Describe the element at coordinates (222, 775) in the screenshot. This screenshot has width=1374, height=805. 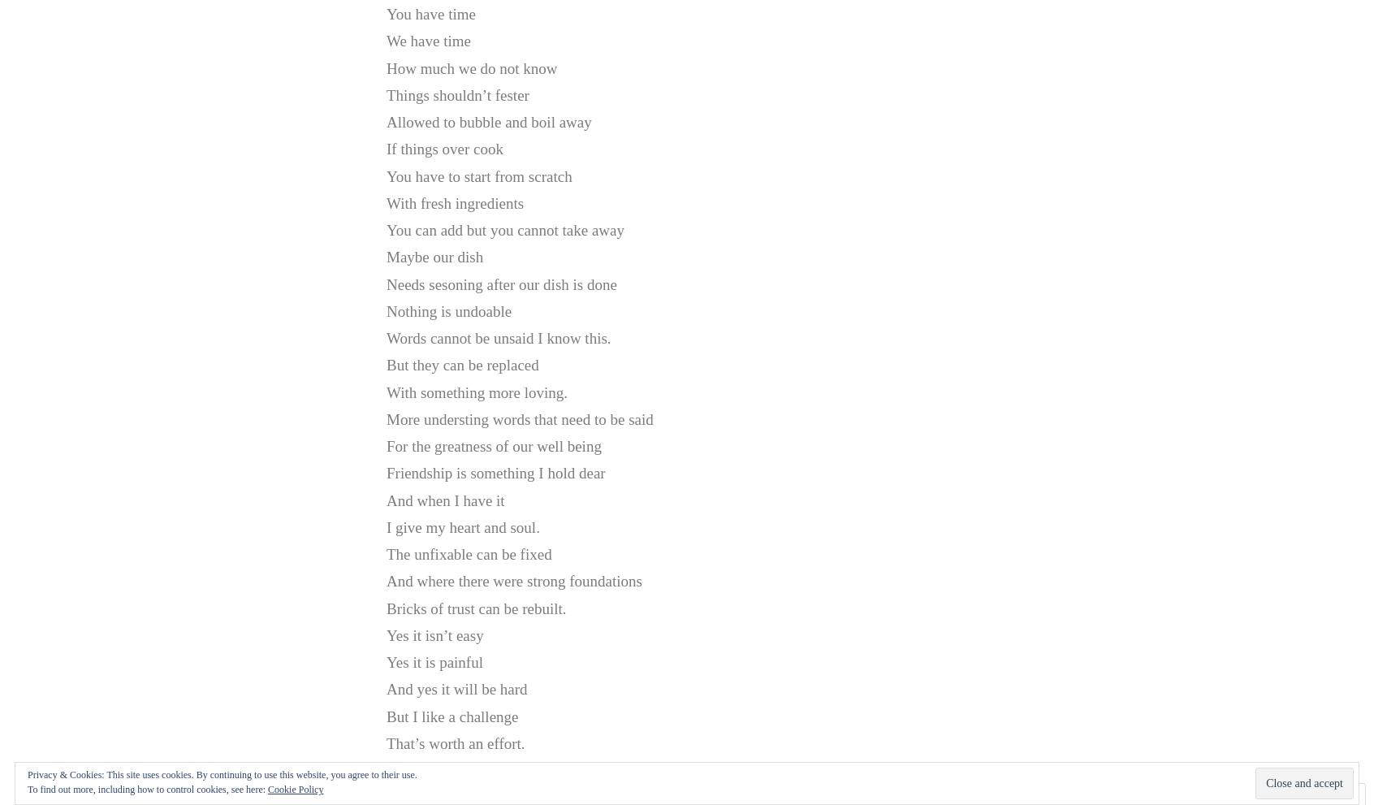
I see `'Privacy & Cookies: This site uses cookies. By continuing to use this website, you agree to their use.'` at that location.